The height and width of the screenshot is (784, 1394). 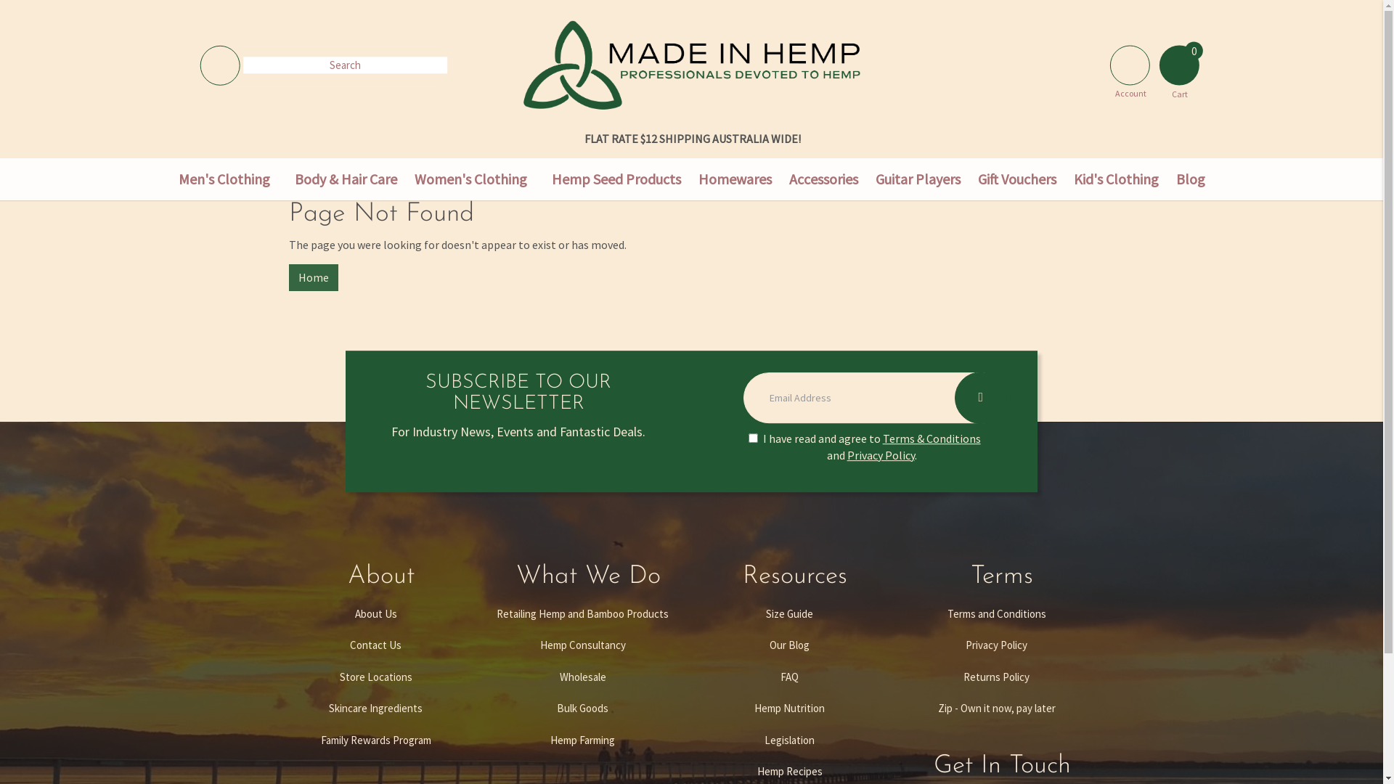 I want to click on 'Made In Hemp Pty Ltd', so click(x=522, y=63).